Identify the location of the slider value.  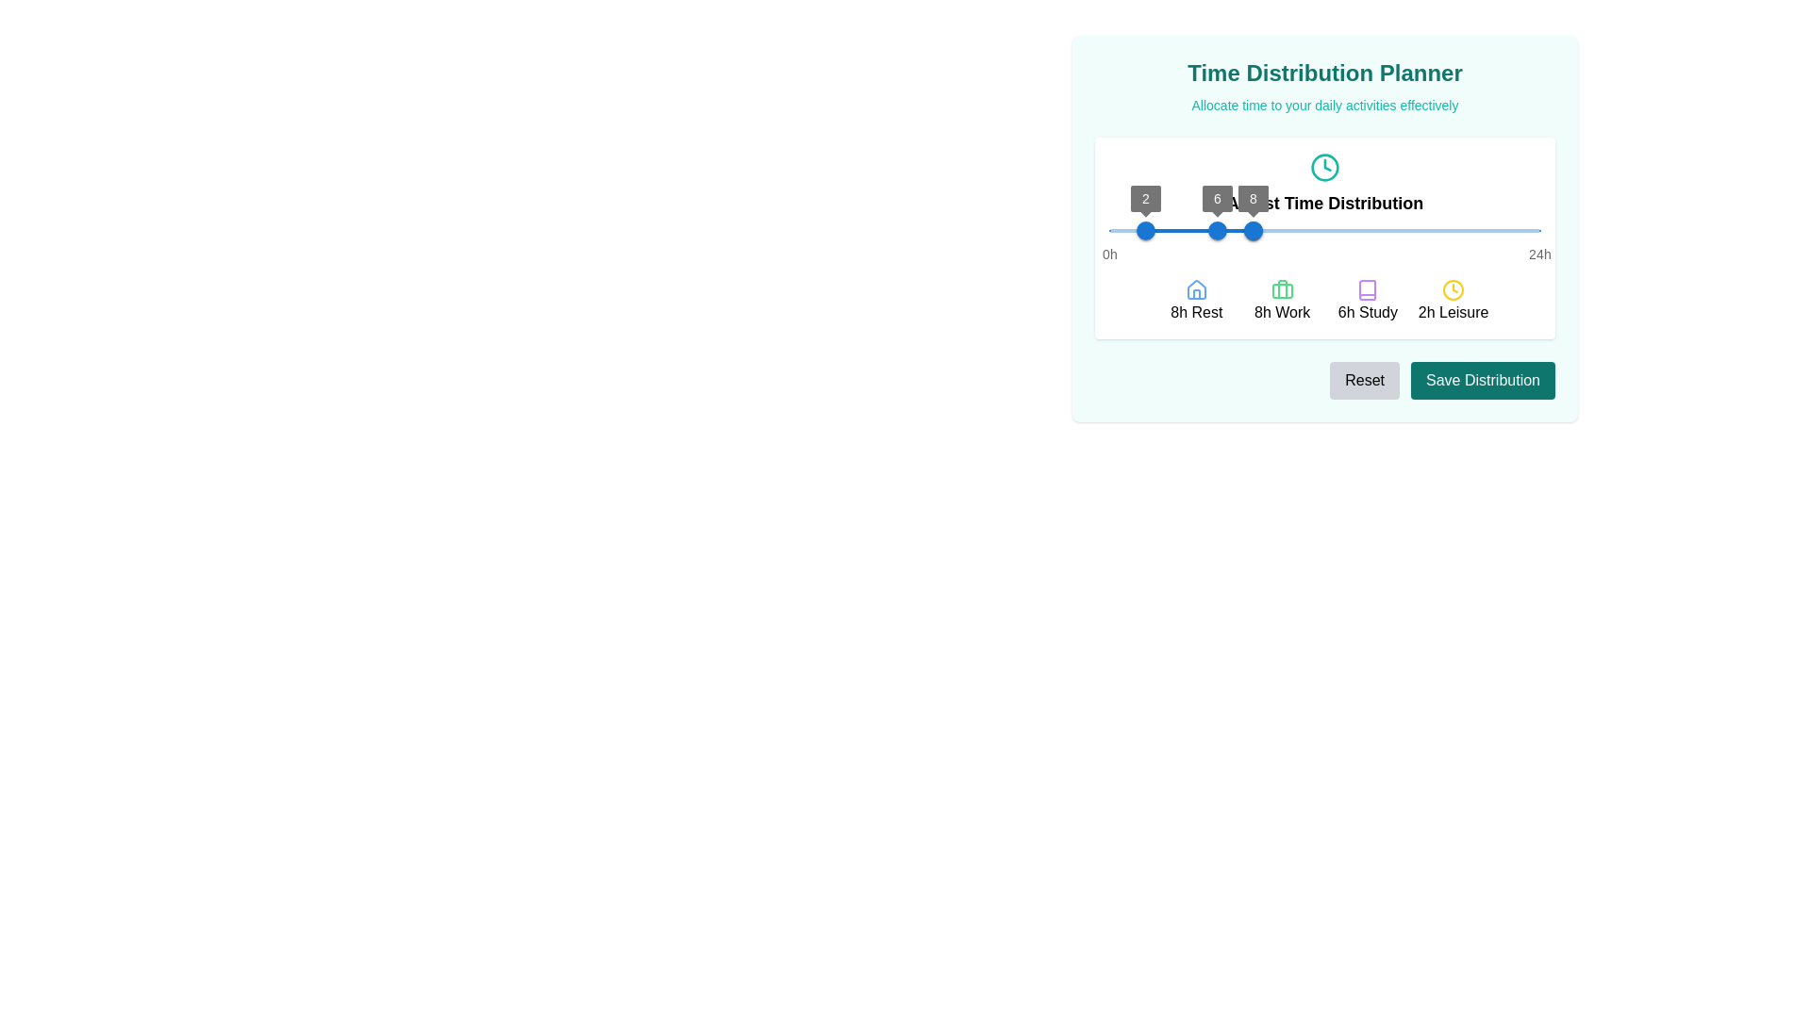
(1190, 230).